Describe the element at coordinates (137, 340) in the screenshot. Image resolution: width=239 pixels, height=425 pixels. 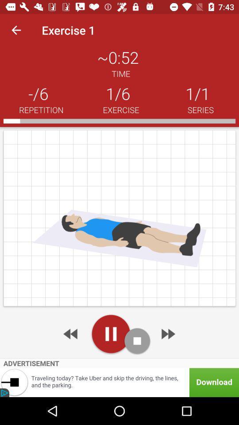
I see `stop` at that location.